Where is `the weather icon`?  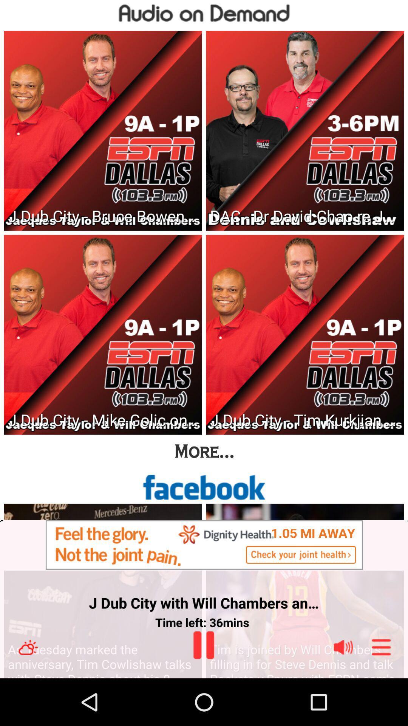 the weather icon is located at coordinates (28, 693).